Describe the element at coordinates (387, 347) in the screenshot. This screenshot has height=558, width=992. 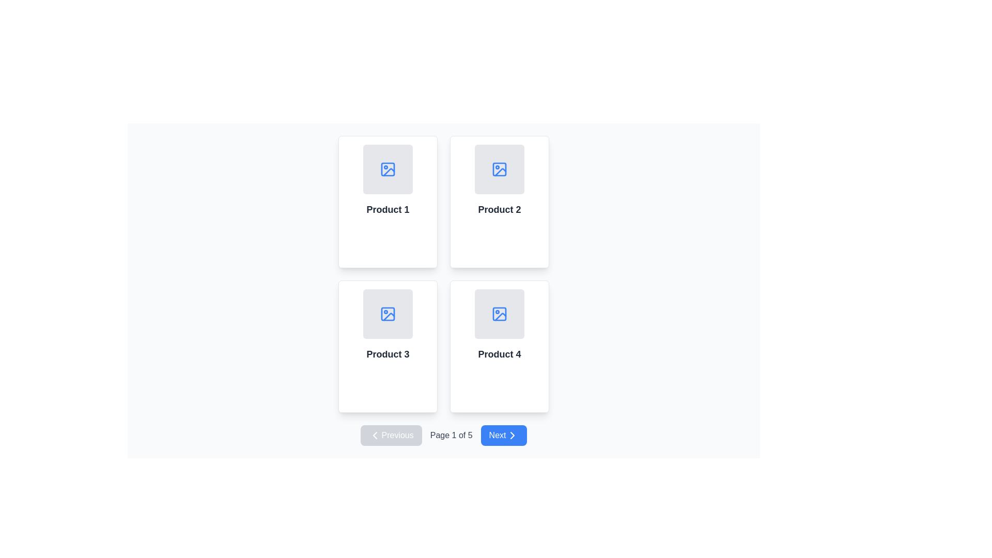
I see `on the 'Product 3' card element, which is a rectangular card with a white background and a bold title below a gray placeholder image area, located in the second row, first column of a grid layout` at that location.